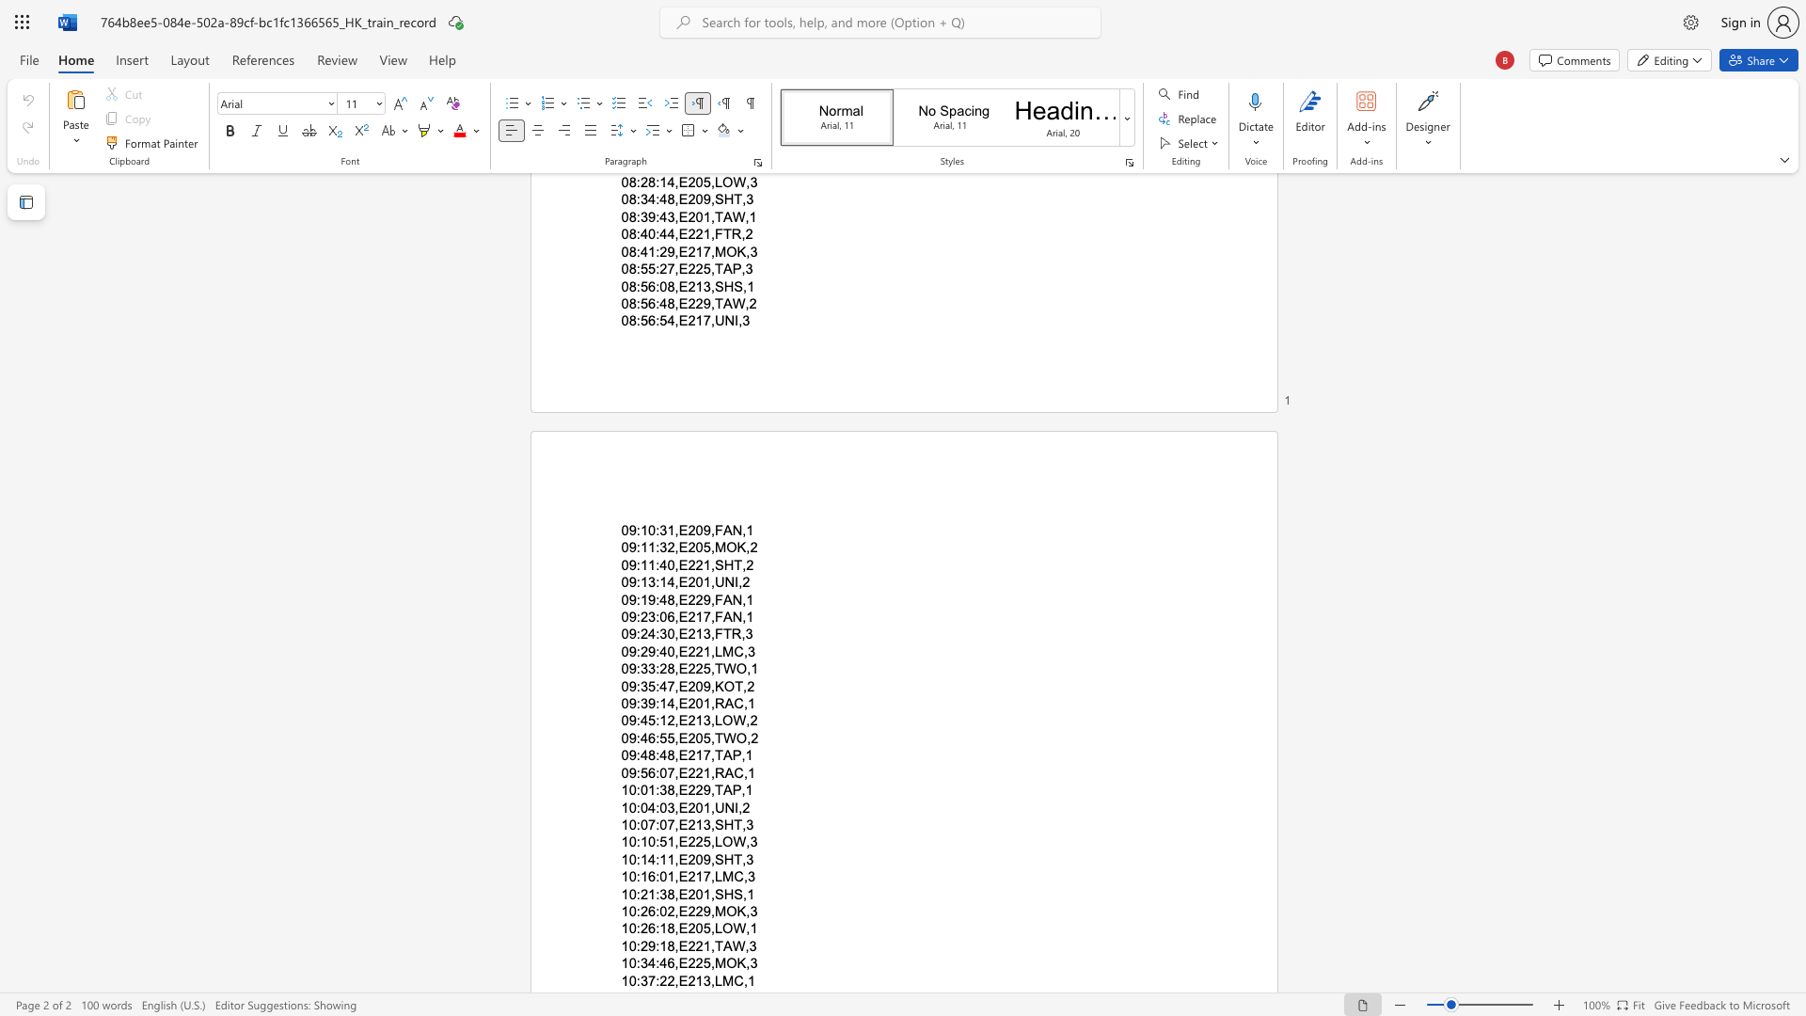 The height and width of the screenshot is (1016, 1806). Describe the element at coordinates (628, 963) in the screenshot. I see `the space between the continuous character "1" and "0" in the text` at that location.